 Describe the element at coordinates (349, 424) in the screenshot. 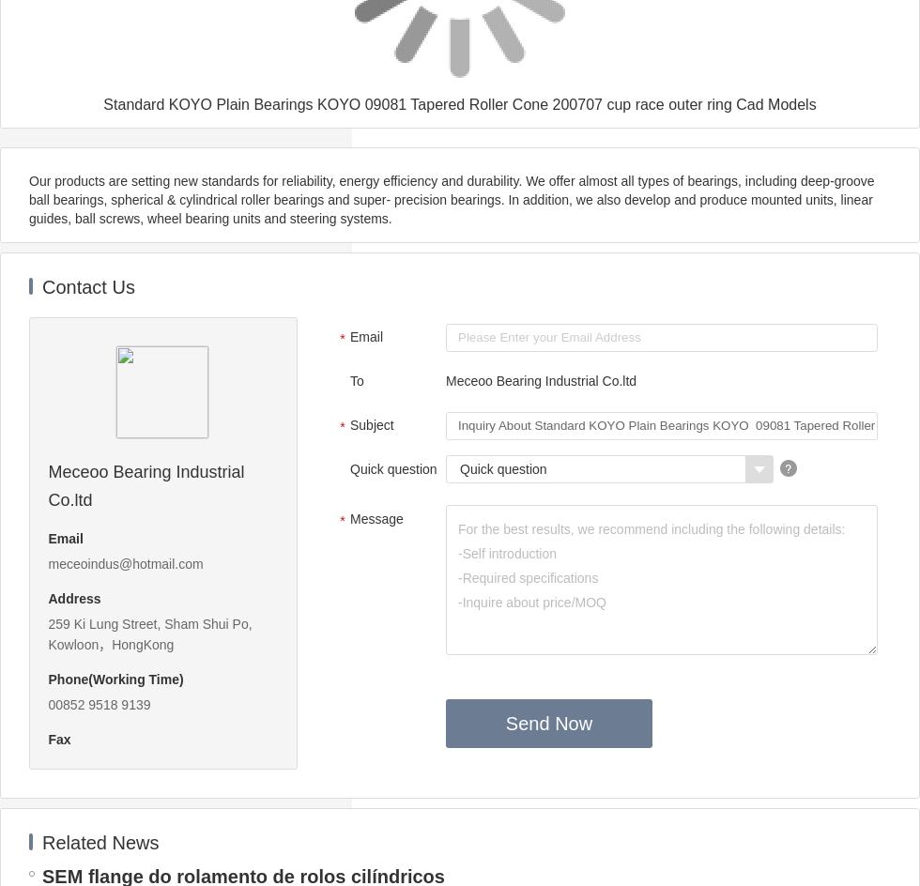

I see `'Subject'` at that location.